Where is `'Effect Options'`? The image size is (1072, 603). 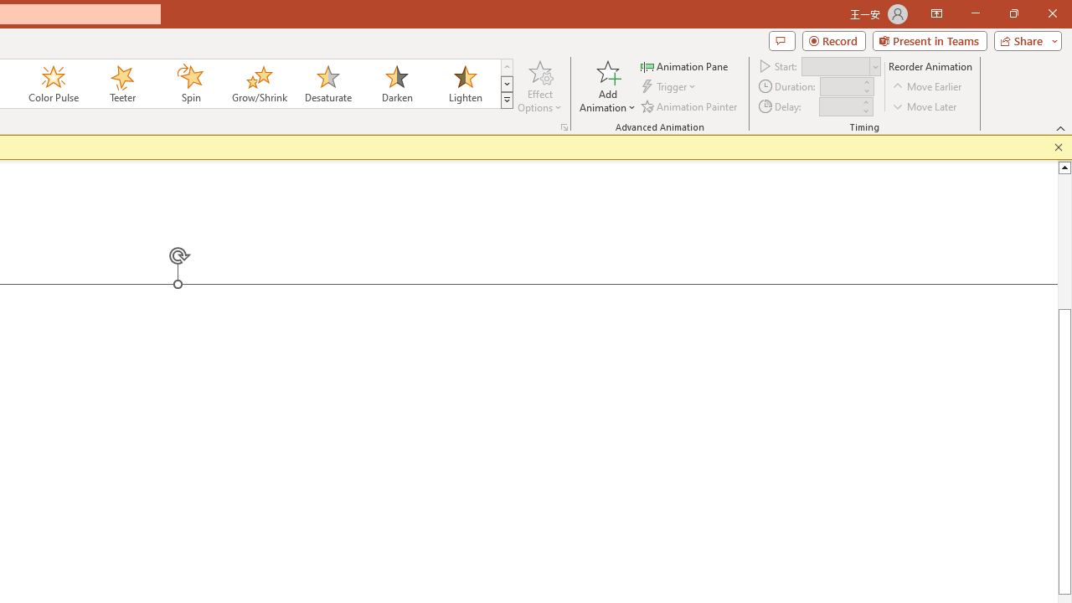 'Effect Options' is located at coordinates (540, 86).